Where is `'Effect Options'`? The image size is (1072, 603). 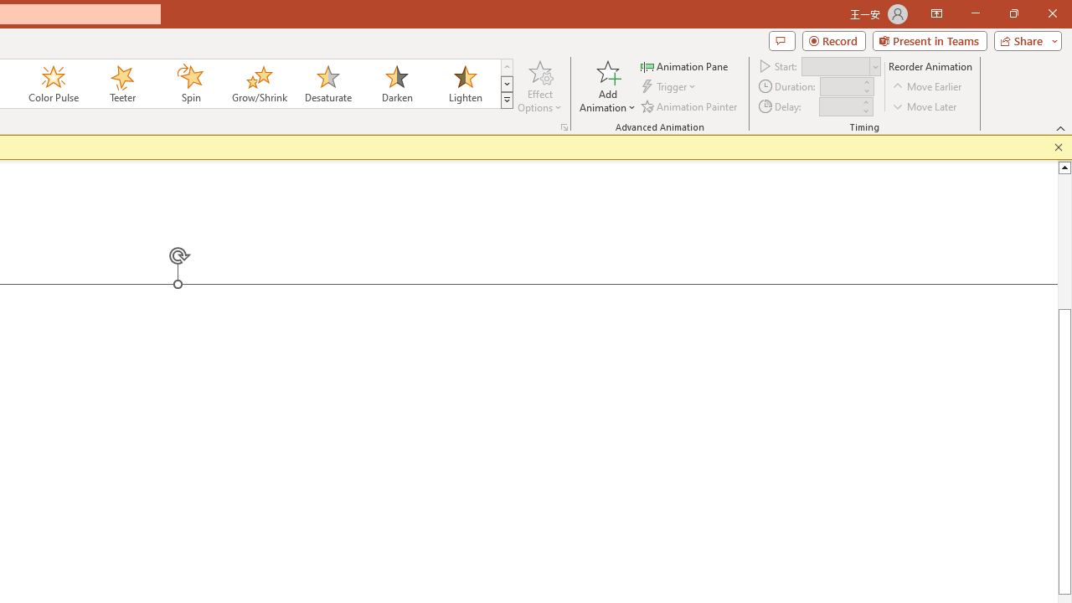 'Effect Options' is located at coordinates (540, 86).